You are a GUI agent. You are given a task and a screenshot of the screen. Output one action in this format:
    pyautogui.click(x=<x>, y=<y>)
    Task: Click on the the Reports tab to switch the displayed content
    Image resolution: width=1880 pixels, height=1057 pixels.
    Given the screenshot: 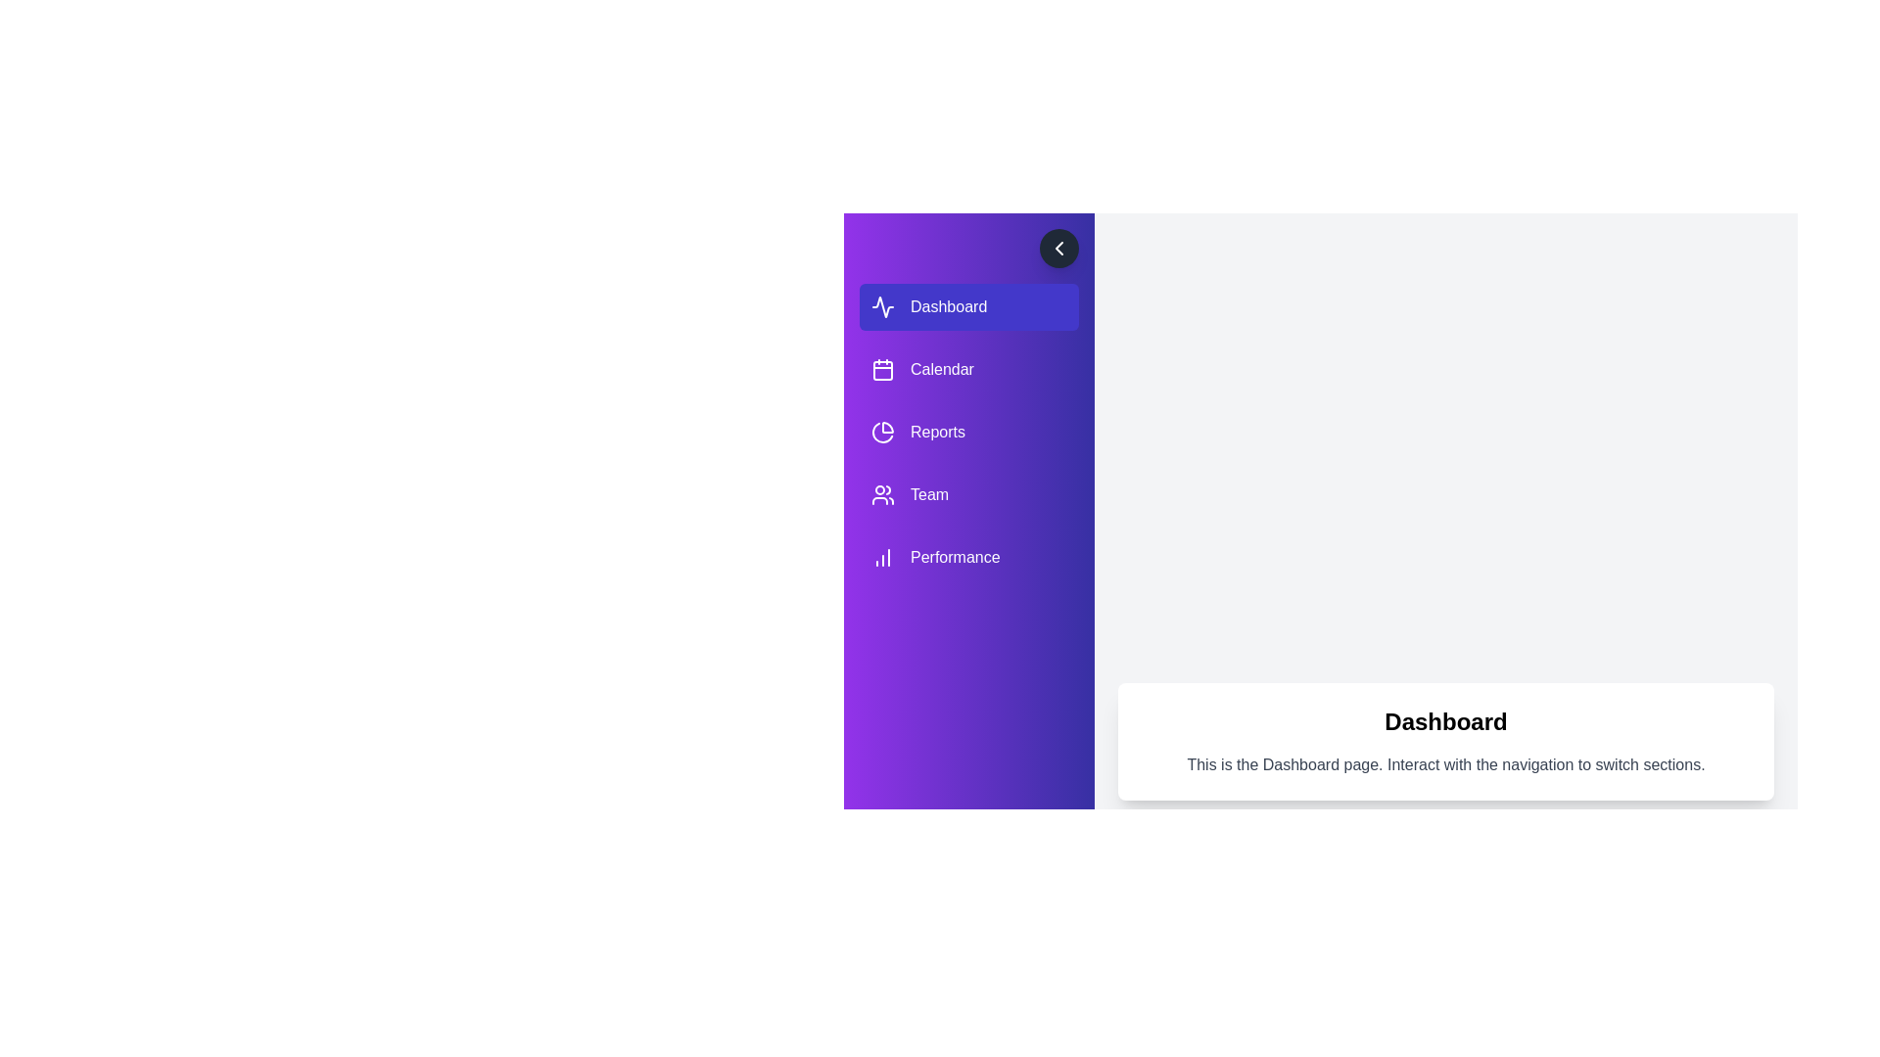 What is the action you would take?
    pyautogui.click(x=968, y=432)
    